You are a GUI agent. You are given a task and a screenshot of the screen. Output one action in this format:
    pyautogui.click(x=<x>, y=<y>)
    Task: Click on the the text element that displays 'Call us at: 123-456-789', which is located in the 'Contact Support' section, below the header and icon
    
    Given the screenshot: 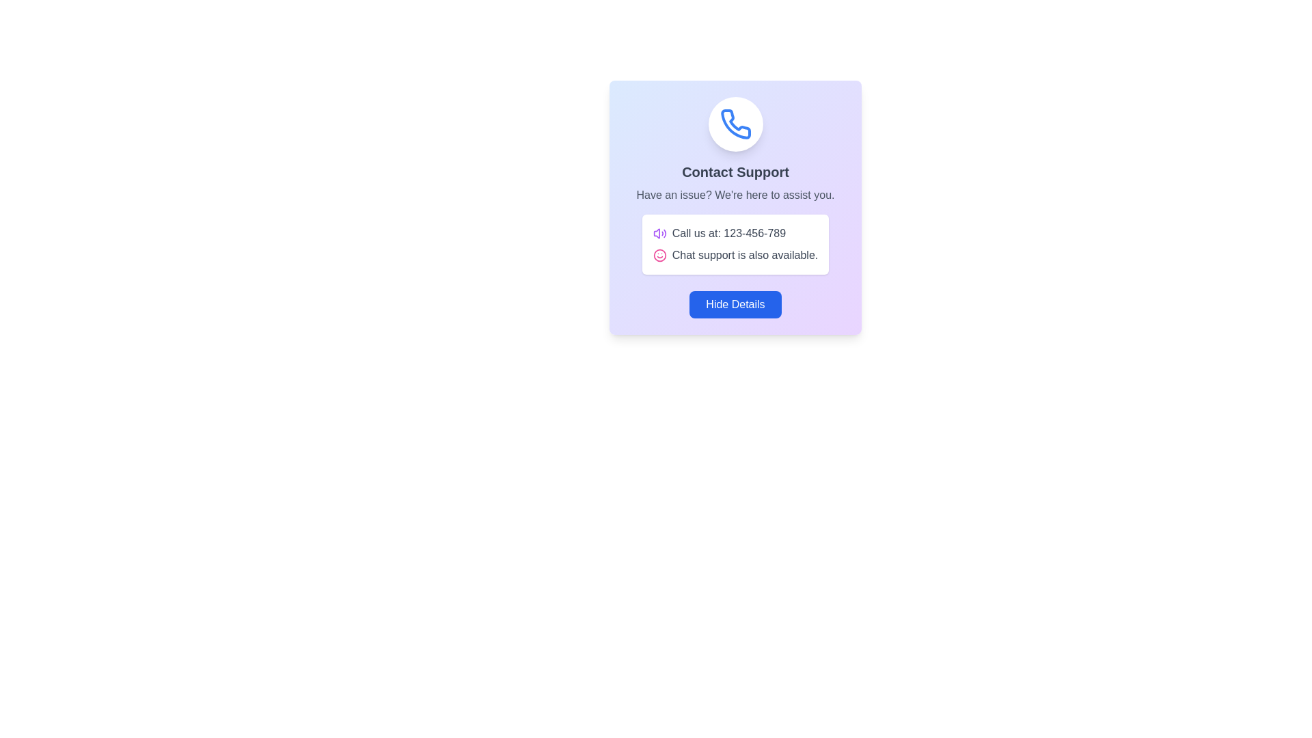 What is the action you would take?
    pyautogui.click(x=728, y=233)
    